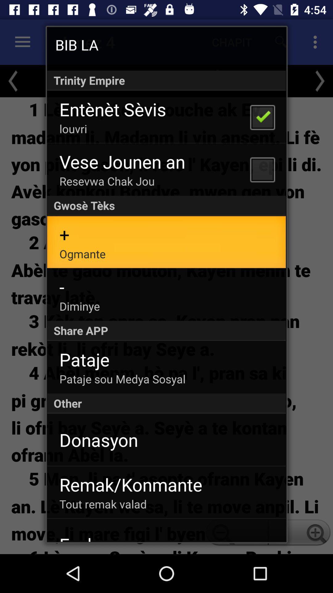  What do you see at coordinates (73, 128) in the screenshot?
I see `app above vese jounen an item` at bounding box center [73, 128].